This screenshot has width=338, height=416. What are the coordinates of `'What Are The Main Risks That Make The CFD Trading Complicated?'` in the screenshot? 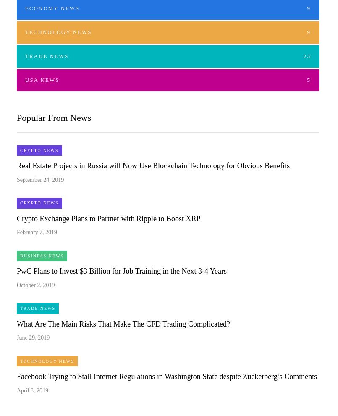 It's located at (123, 323).